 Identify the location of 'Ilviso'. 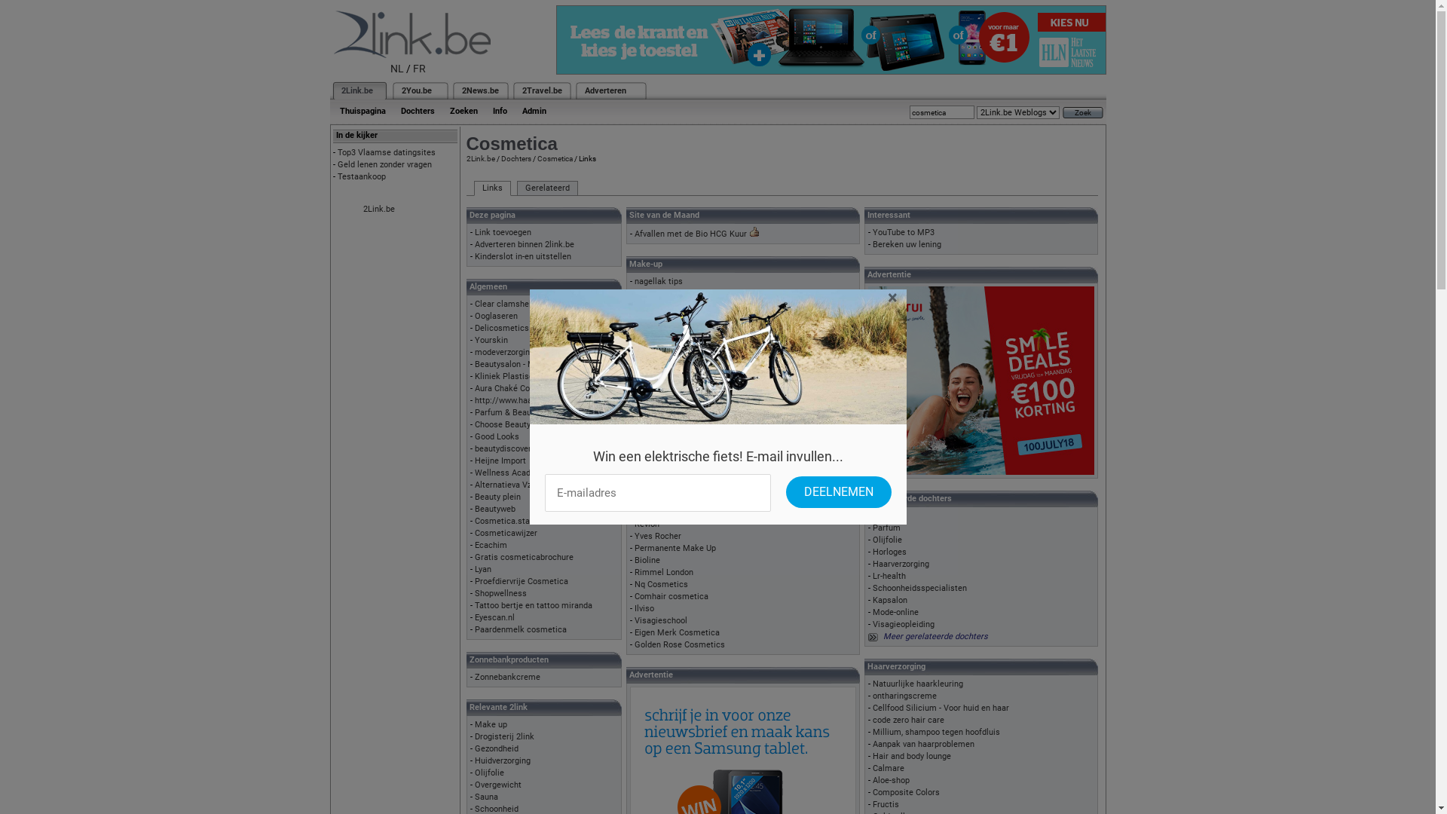
(644, 607).